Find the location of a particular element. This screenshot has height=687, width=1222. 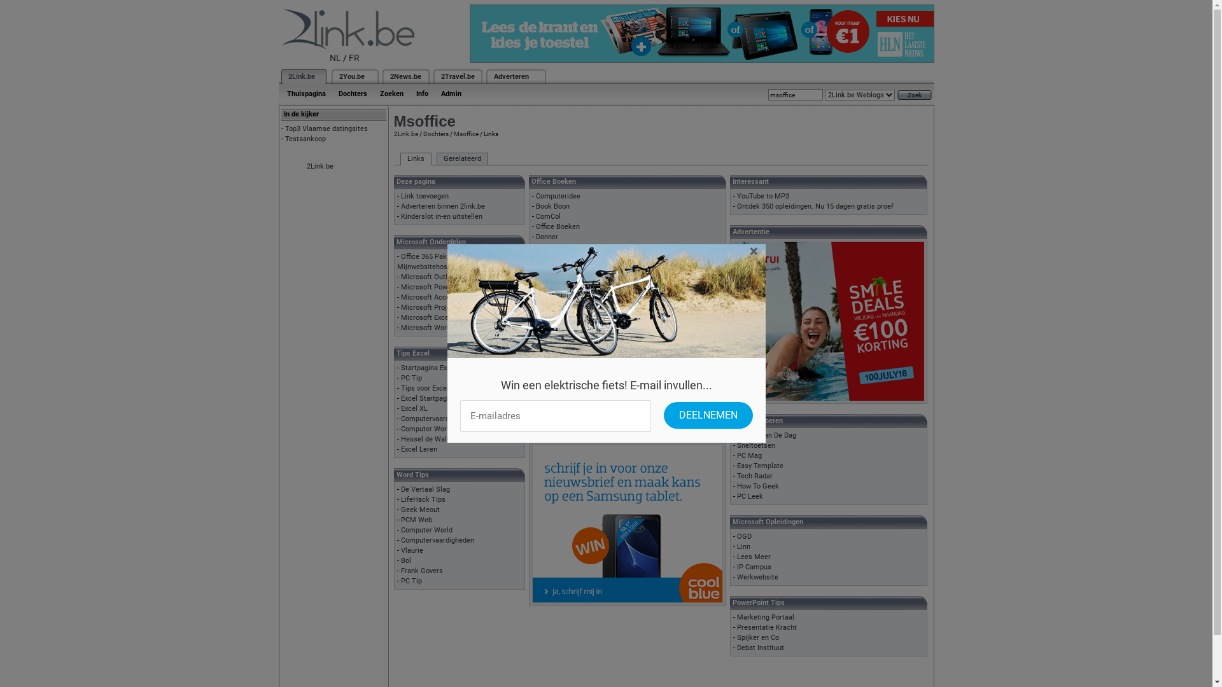

'Microsoft Access' is located at coordinates (429, 297).